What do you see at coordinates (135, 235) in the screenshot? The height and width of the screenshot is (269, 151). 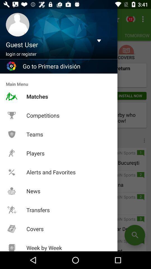 I see `the search icon` at bounding box center [135, 235].